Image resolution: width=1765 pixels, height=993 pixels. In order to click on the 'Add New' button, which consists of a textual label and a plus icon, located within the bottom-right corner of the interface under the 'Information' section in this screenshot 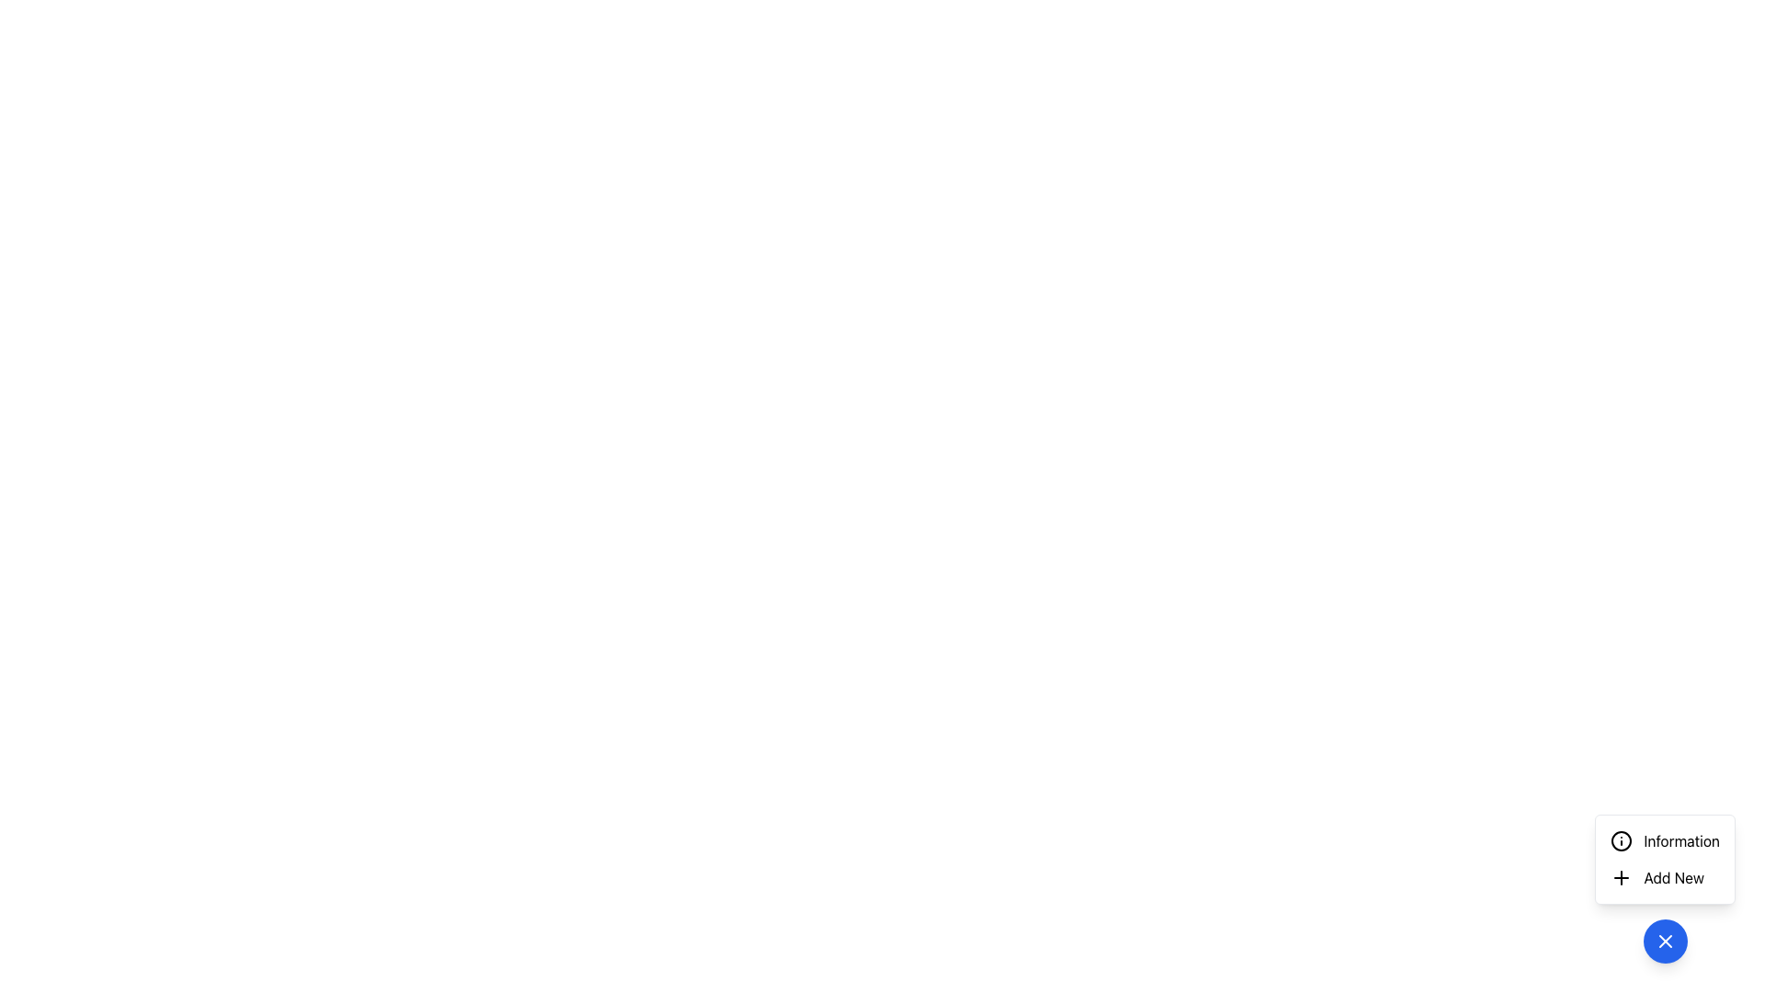, I will do `click(1657, 877)`.